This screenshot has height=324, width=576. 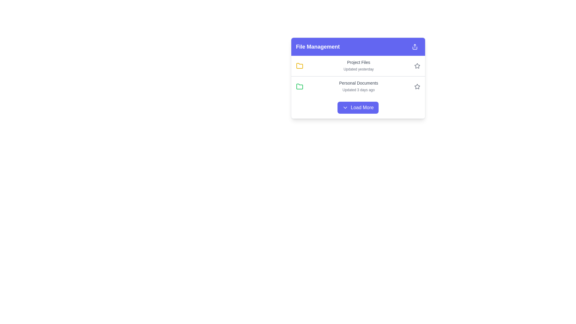 What do you see at coordinates (358, 69) in the screenshot?
I see `timestamp information text located directly beneath the 'Project Files' section in the file management interface` at bounding box center [358, 69].